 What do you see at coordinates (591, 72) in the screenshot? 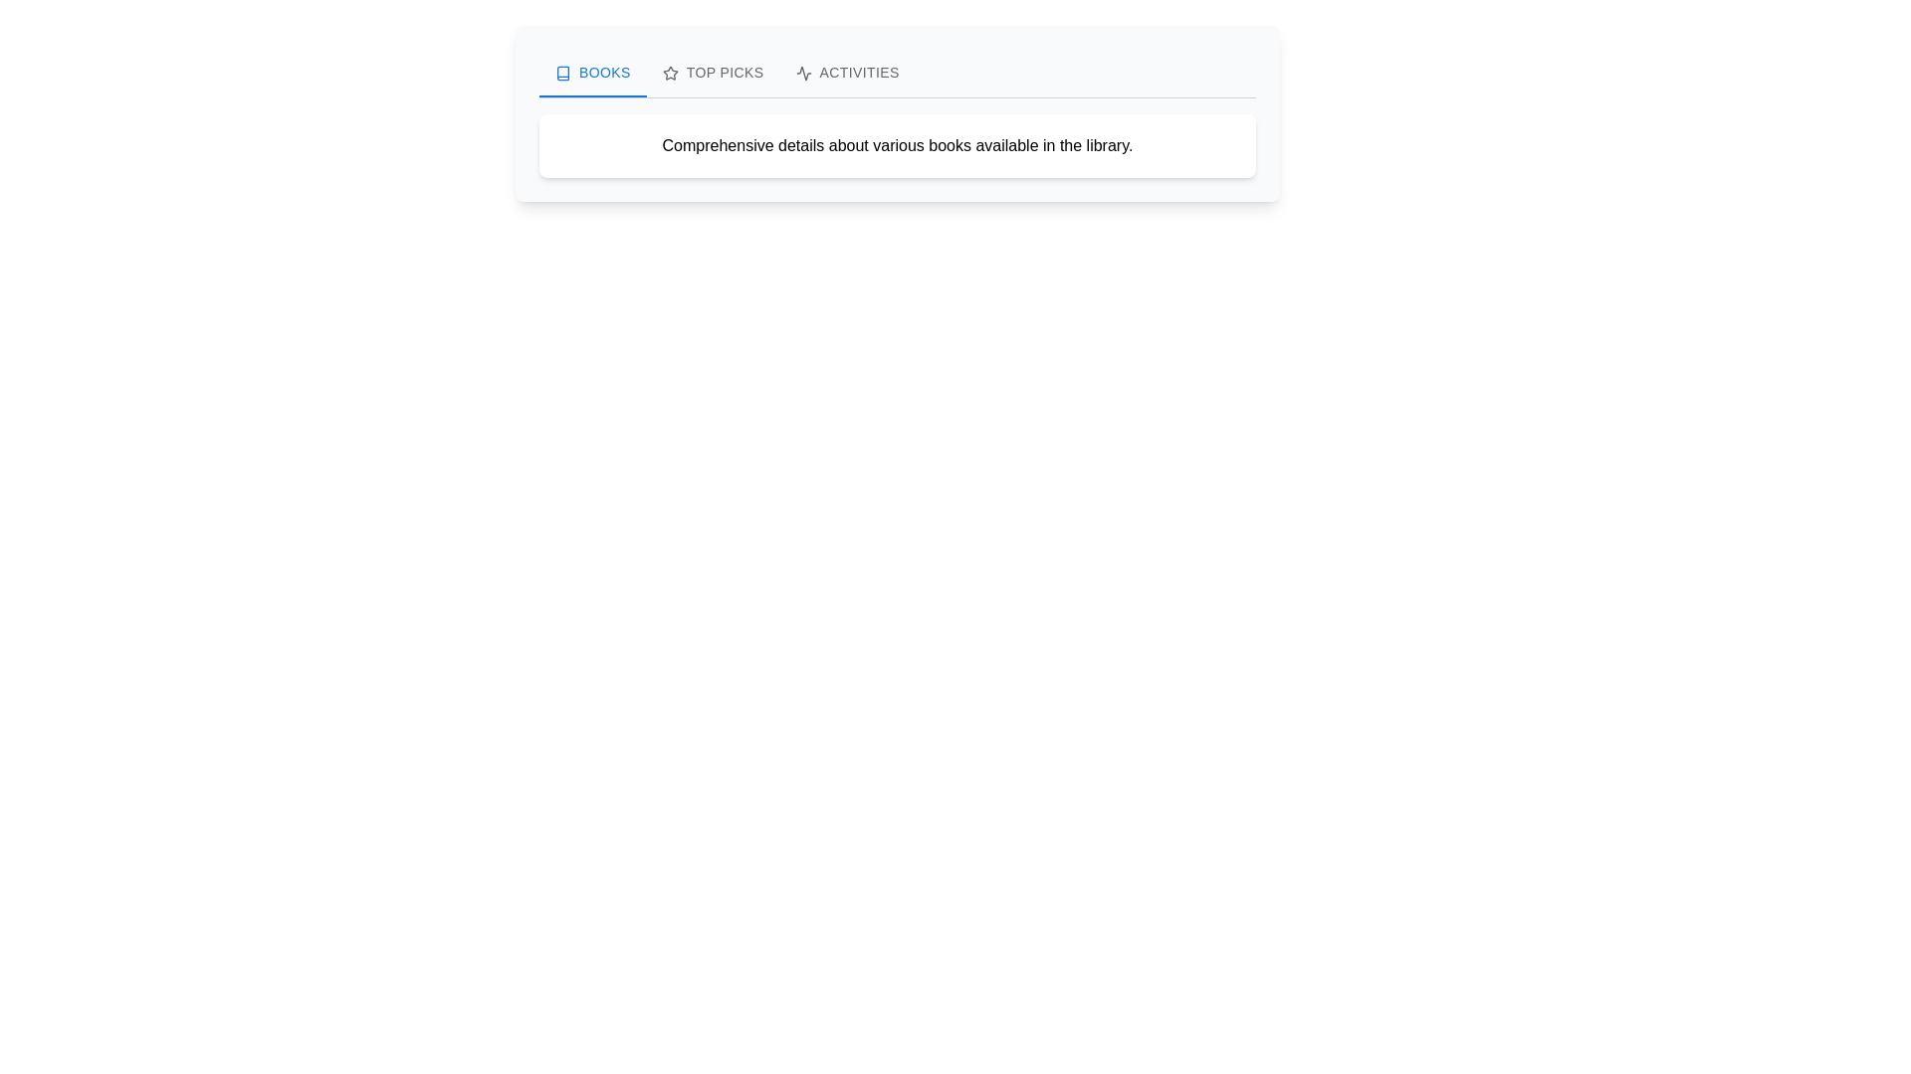
I see `the 'Books' tab in the horizontal tab navigation bar` at bounding box center [591, 72].